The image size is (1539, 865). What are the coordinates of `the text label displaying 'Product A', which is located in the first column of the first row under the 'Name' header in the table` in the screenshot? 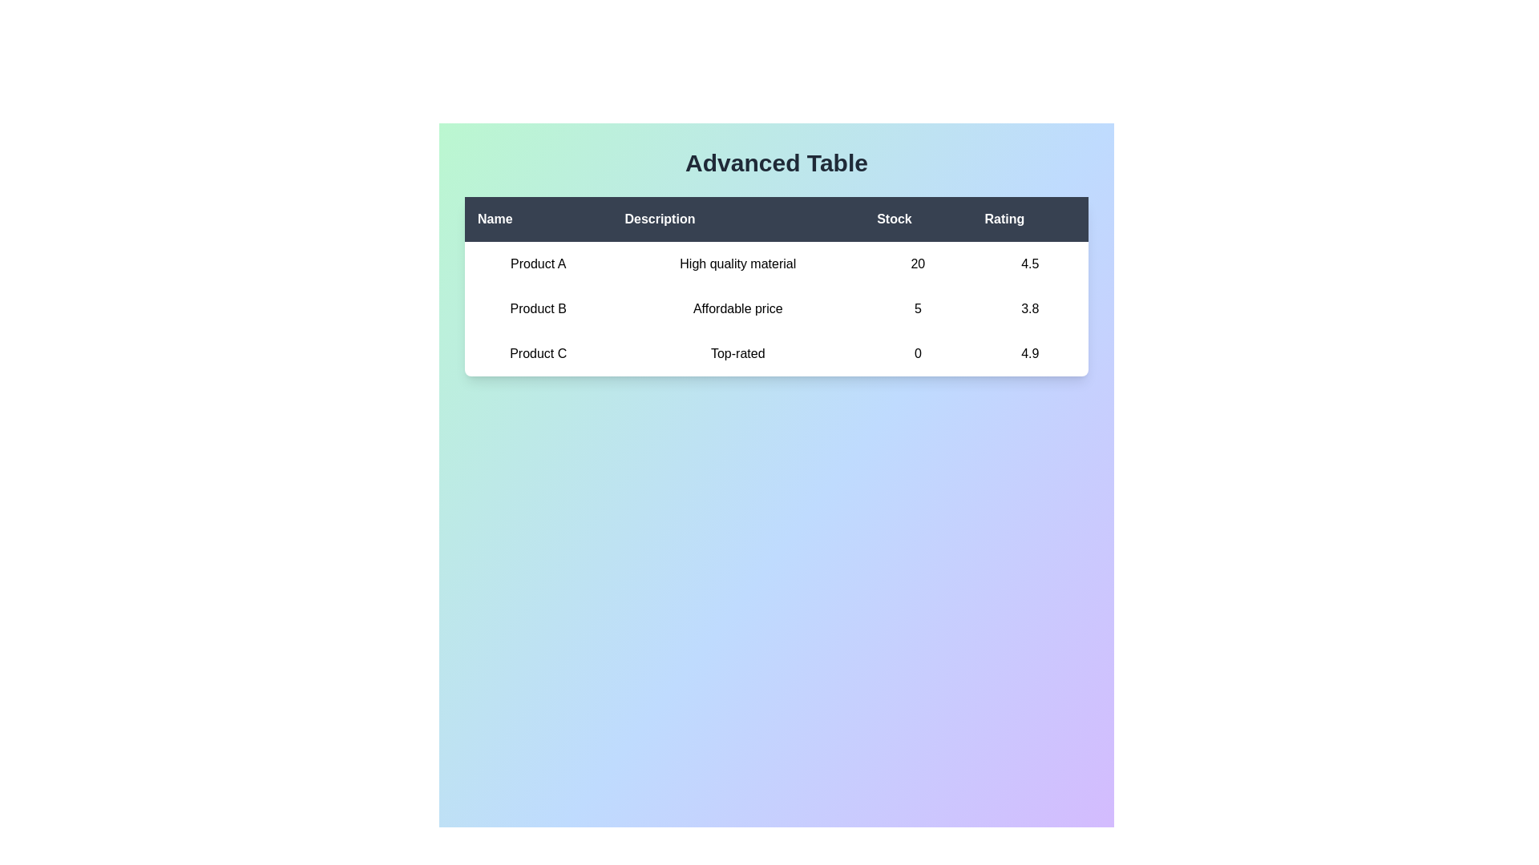 It's located at (538, 264).